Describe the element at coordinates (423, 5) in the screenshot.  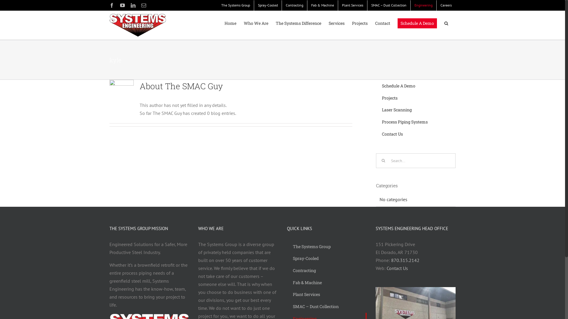
I see `'Engineering'` at that location.